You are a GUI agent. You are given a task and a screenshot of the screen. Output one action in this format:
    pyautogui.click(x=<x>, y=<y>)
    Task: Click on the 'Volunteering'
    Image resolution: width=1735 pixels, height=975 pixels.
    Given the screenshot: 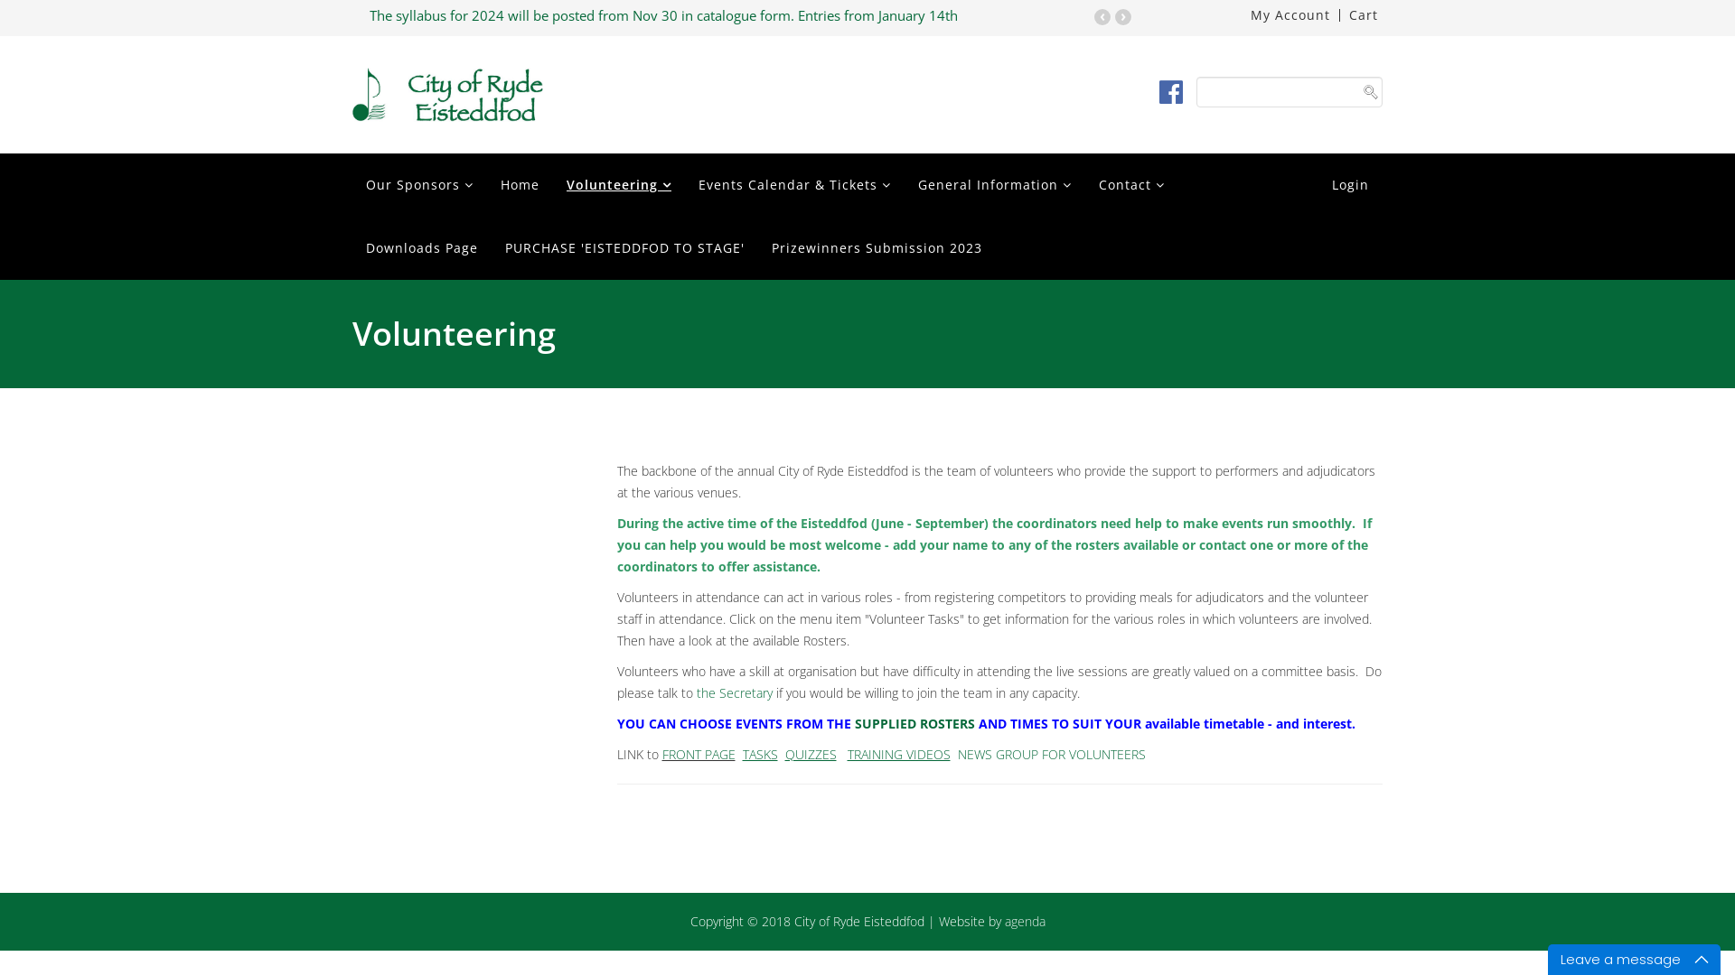 What is the action you would take?
    pyautogui.click(x=619, y=184)
    